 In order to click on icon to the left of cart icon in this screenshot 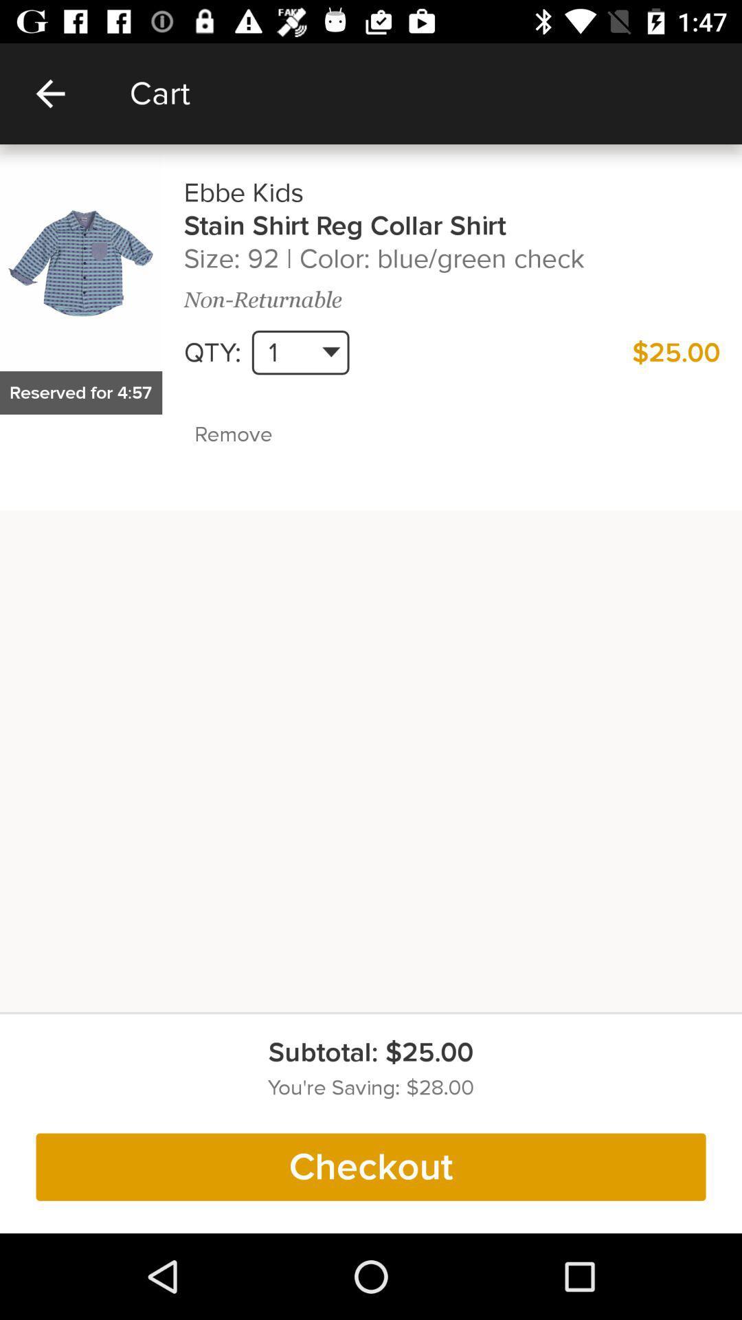, I will do `click(49, 93)`.